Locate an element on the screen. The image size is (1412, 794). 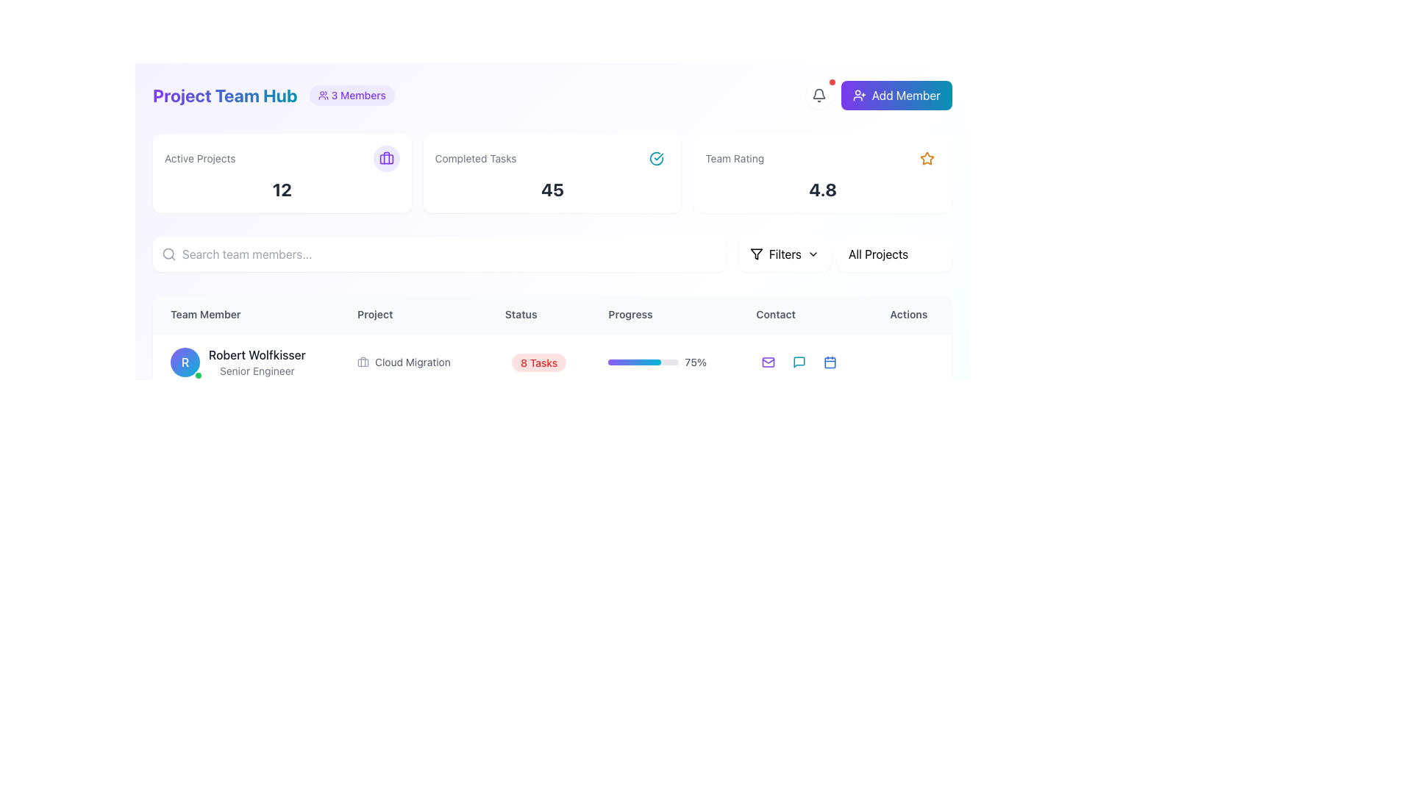
to select the first row of the interactive table that displays a team member's details in the project management interface is located at coordinates (552, 362).